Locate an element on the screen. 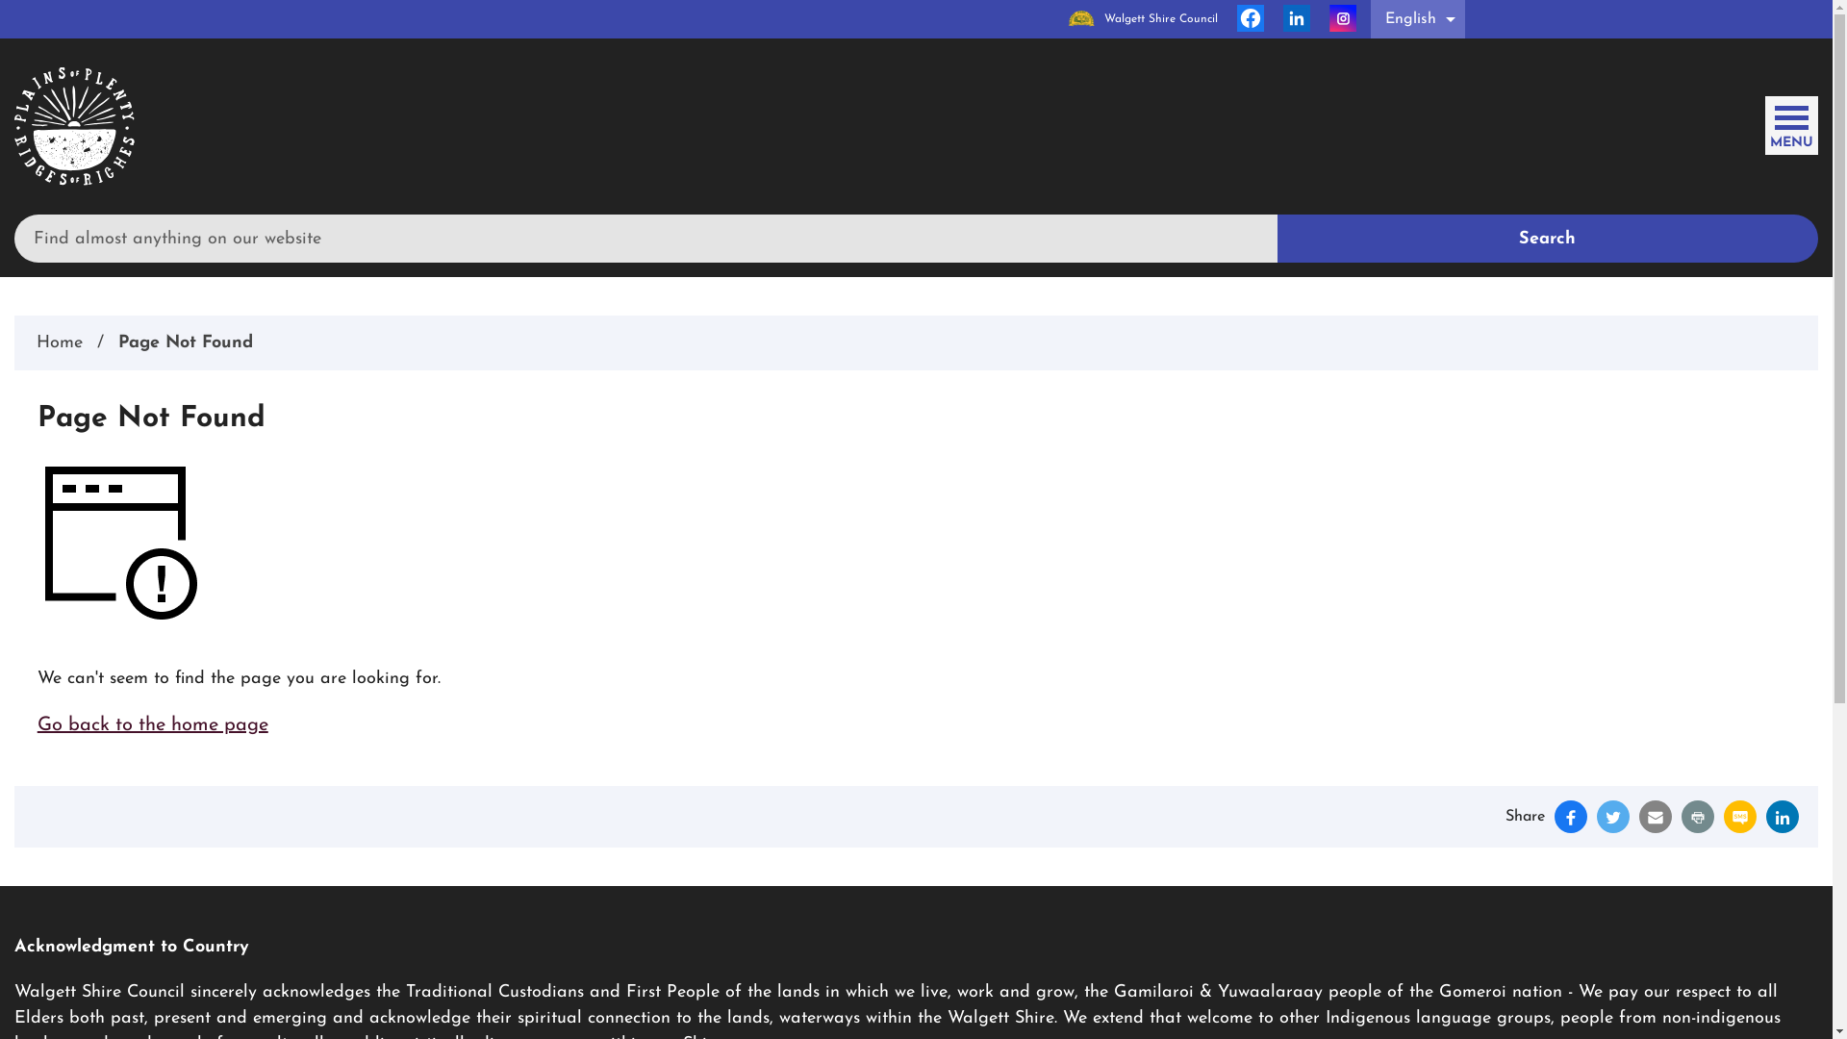 The height and width of the screenshot is (1039, 1847). 'MENU' is located at coordinates (1790, 121).